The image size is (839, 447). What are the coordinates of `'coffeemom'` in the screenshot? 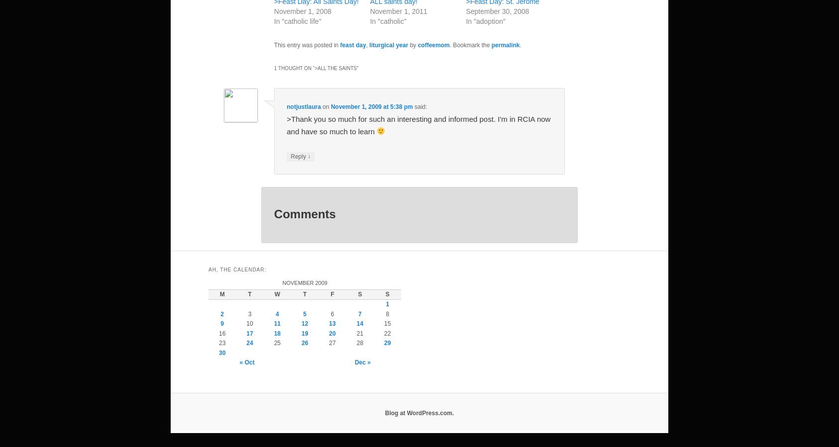 It's located at (432, 44).